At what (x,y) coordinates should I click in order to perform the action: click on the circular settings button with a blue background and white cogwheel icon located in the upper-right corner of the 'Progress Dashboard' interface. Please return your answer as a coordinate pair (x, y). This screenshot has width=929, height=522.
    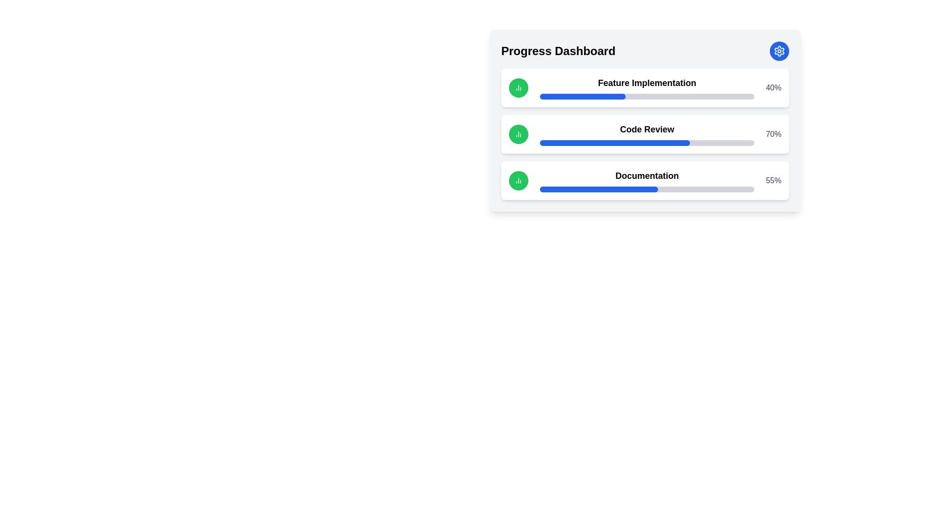
    Looking at the image, I should click on (779, 51).